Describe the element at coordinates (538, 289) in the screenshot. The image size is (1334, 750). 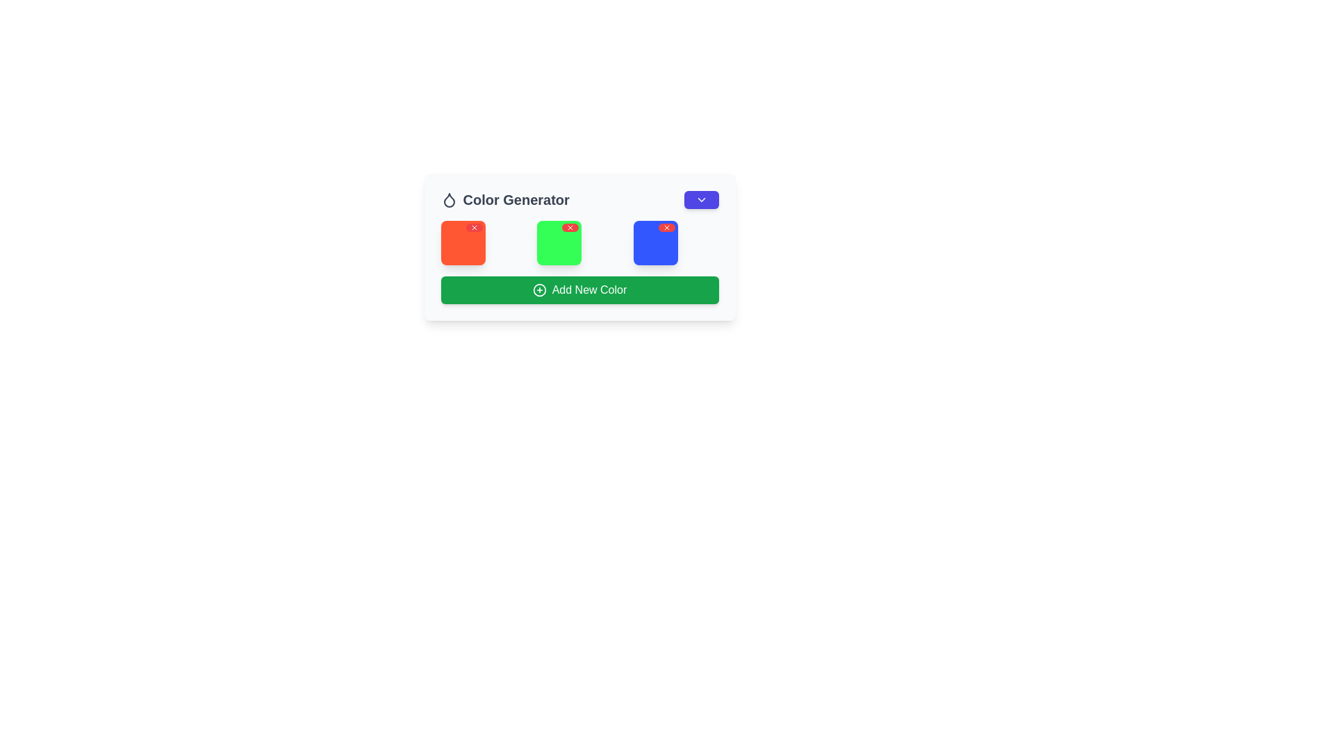
I see `the circular SVG element of the 'Add New Color' button by clicking on it` at that location.